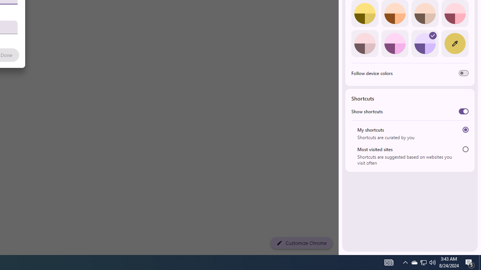  Describe the element at coordinates (425, 43) in the screenshot. I see `'Violet'` at that location.